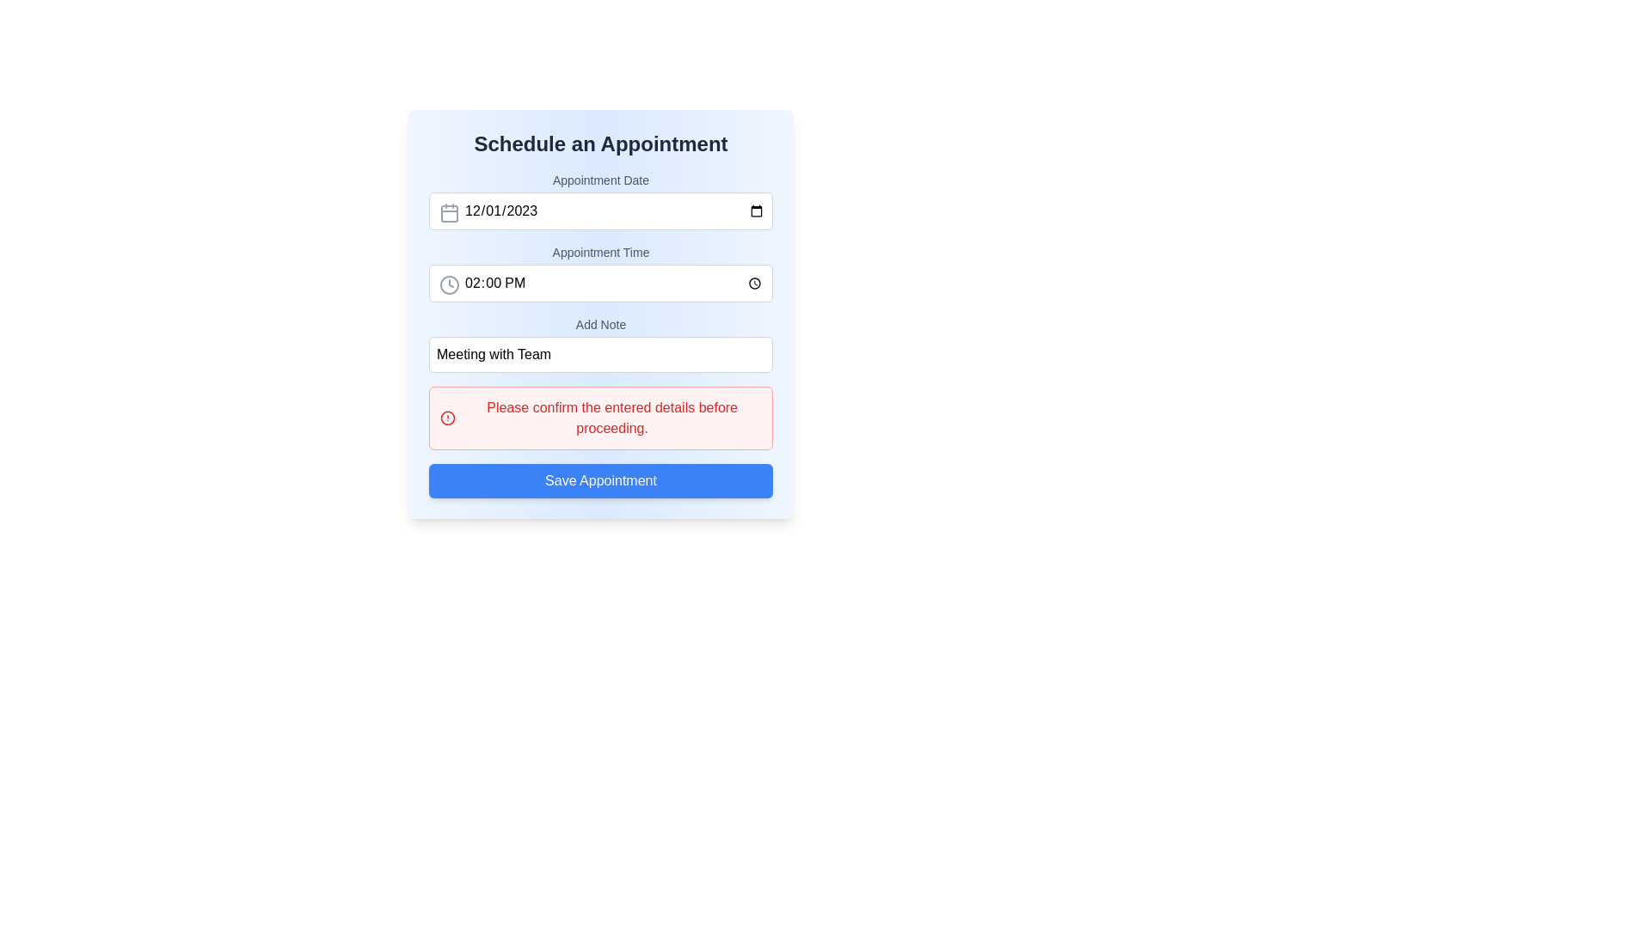 This screenshot has width=1651, height=928. Describe the element at coordinates (448, 418) in the screenshot. I see `the circular icon that represents an alert or error, located to the left of the warning text 'Please confirm the entered details before proceeding.'` at that location.